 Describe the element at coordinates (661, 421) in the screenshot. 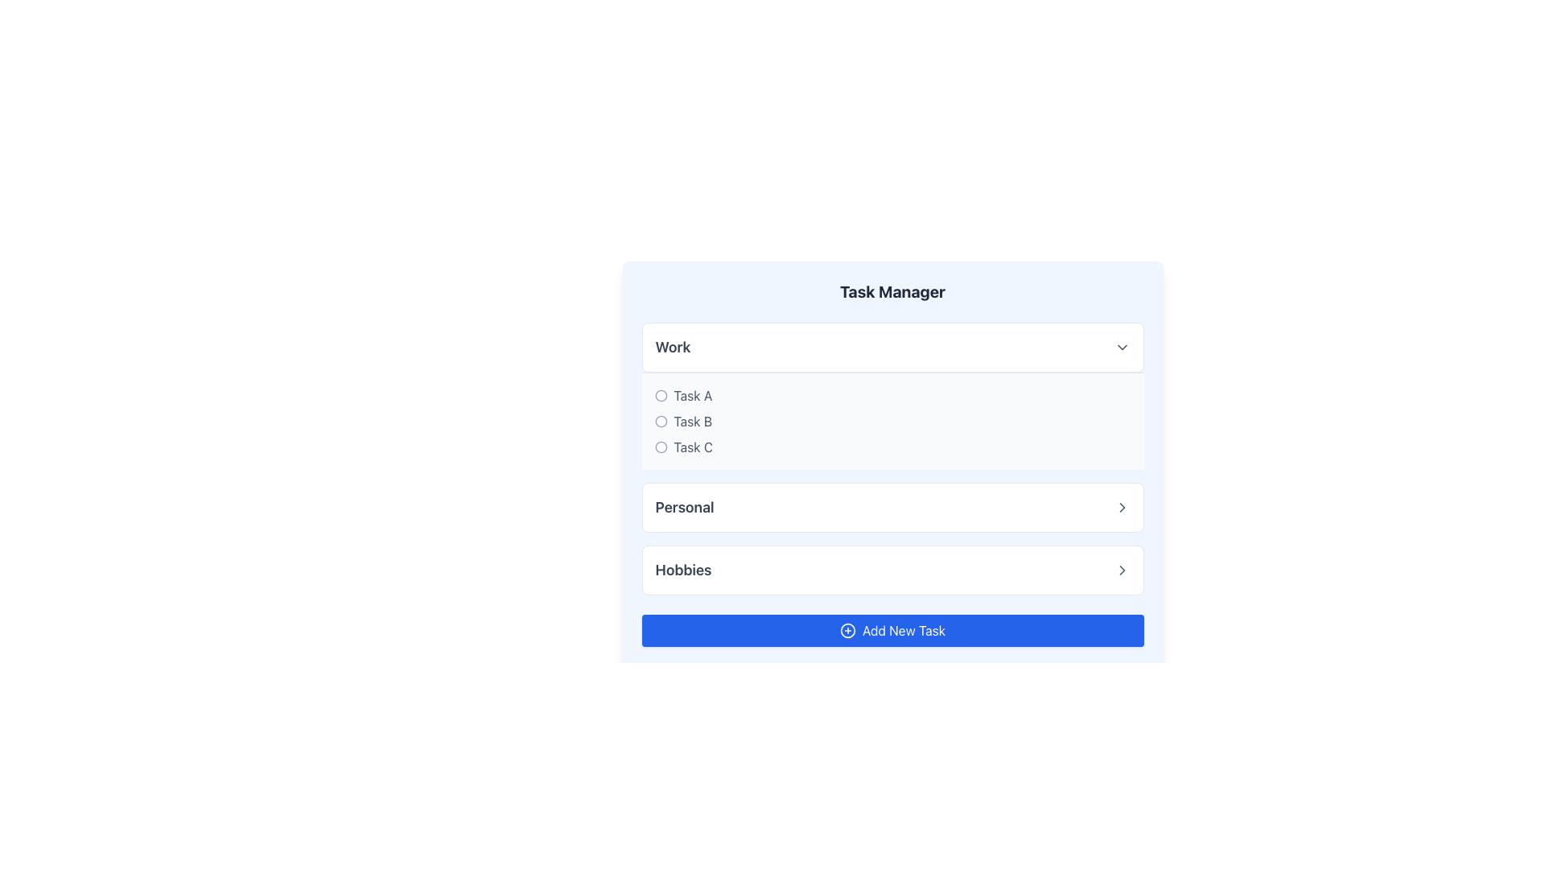

I see `the radio button` at that location.